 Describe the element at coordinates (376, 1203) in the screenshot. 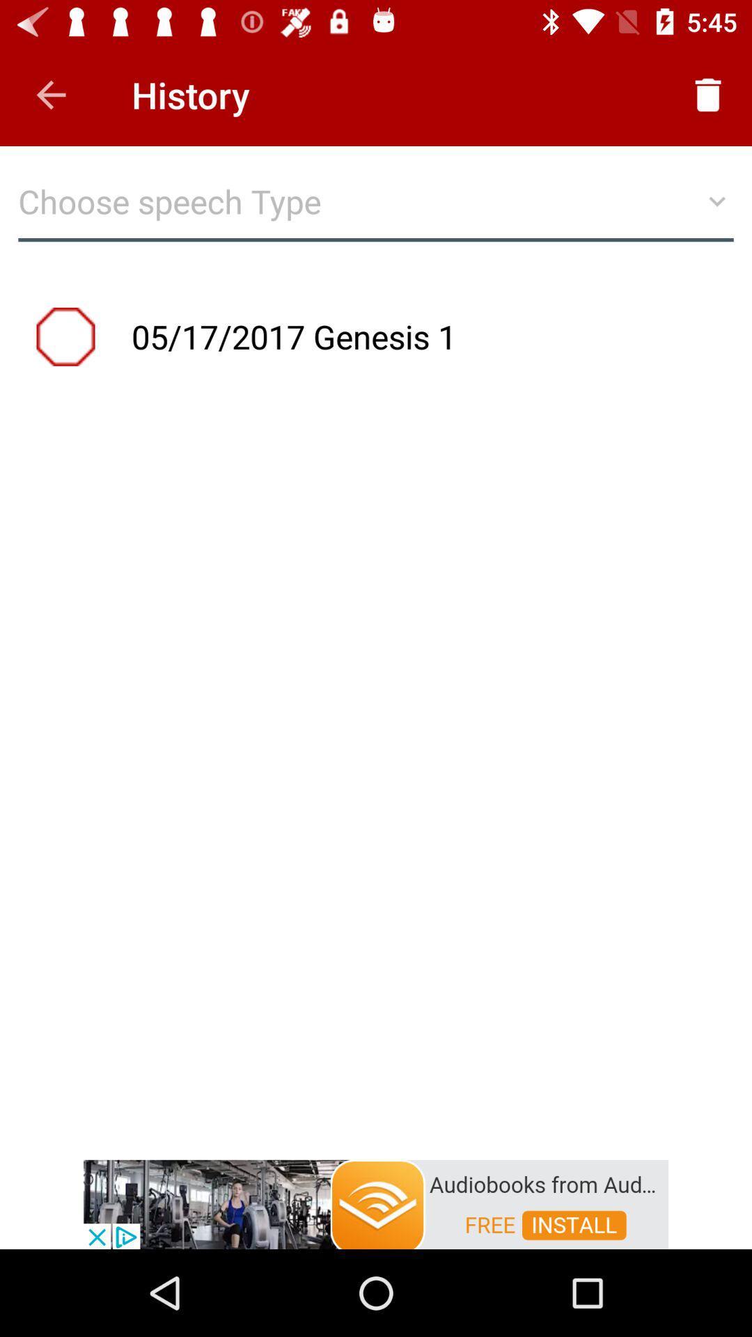

I see `open advertisement` at that location.